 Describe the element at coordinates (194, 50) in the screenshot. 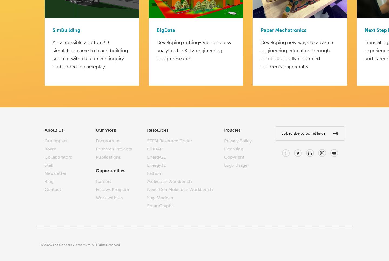

I see `'Developing cutting-edge process analytics for K-12 engineering design research.'` at that location.